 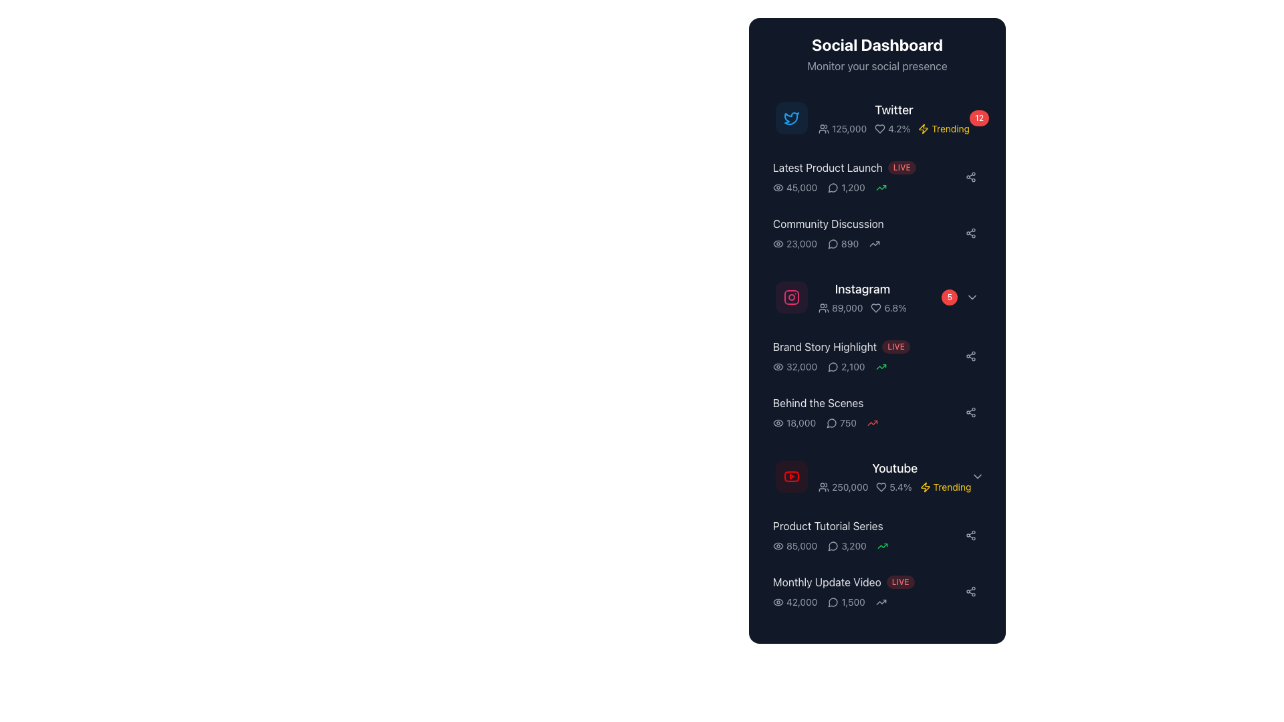 What do you see at coordinates (876, 308) in the screenshot?
I see `the heart-shaped icon outlined in white, which symbolizes a liking or favorite feature, located to the left of the text '6.8%' in the Instagram row of the 'Social Dashboard' panel` at bounding box center [876, 308].